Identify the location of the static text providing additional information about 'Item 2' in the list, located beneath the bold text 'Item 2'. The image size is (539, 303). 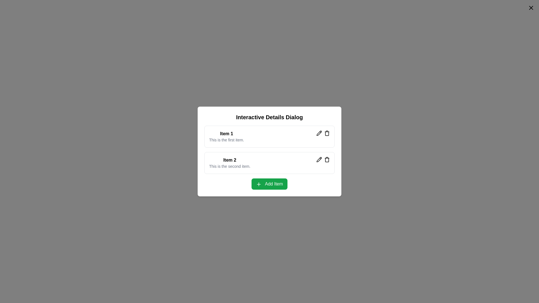
(230, 166).